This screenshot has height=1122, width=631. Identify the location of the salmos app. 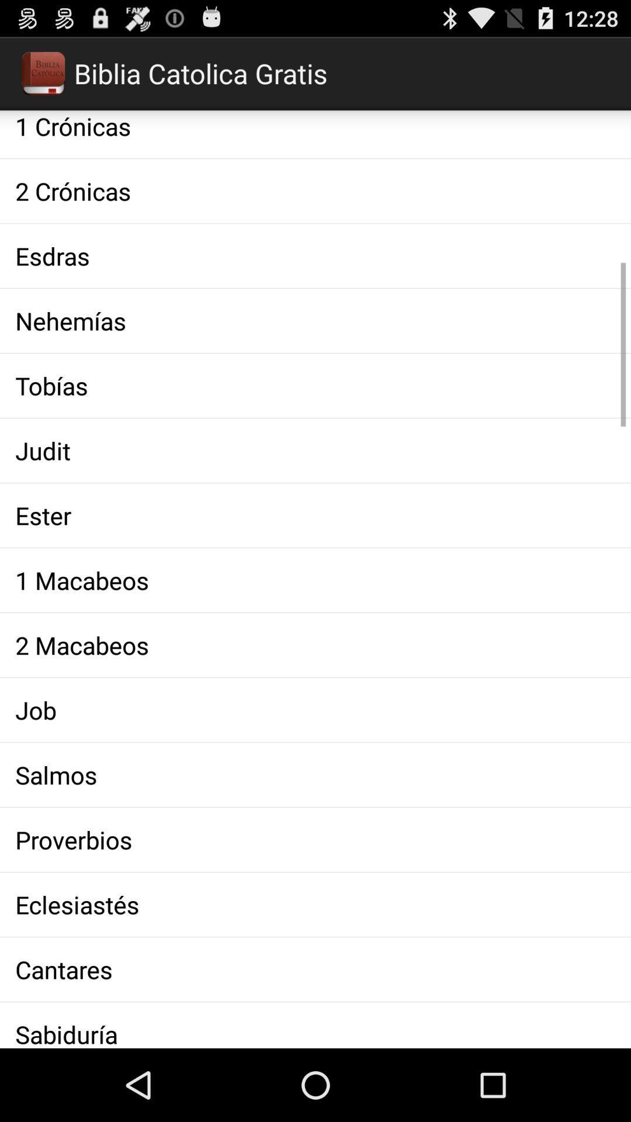
(315, 774).